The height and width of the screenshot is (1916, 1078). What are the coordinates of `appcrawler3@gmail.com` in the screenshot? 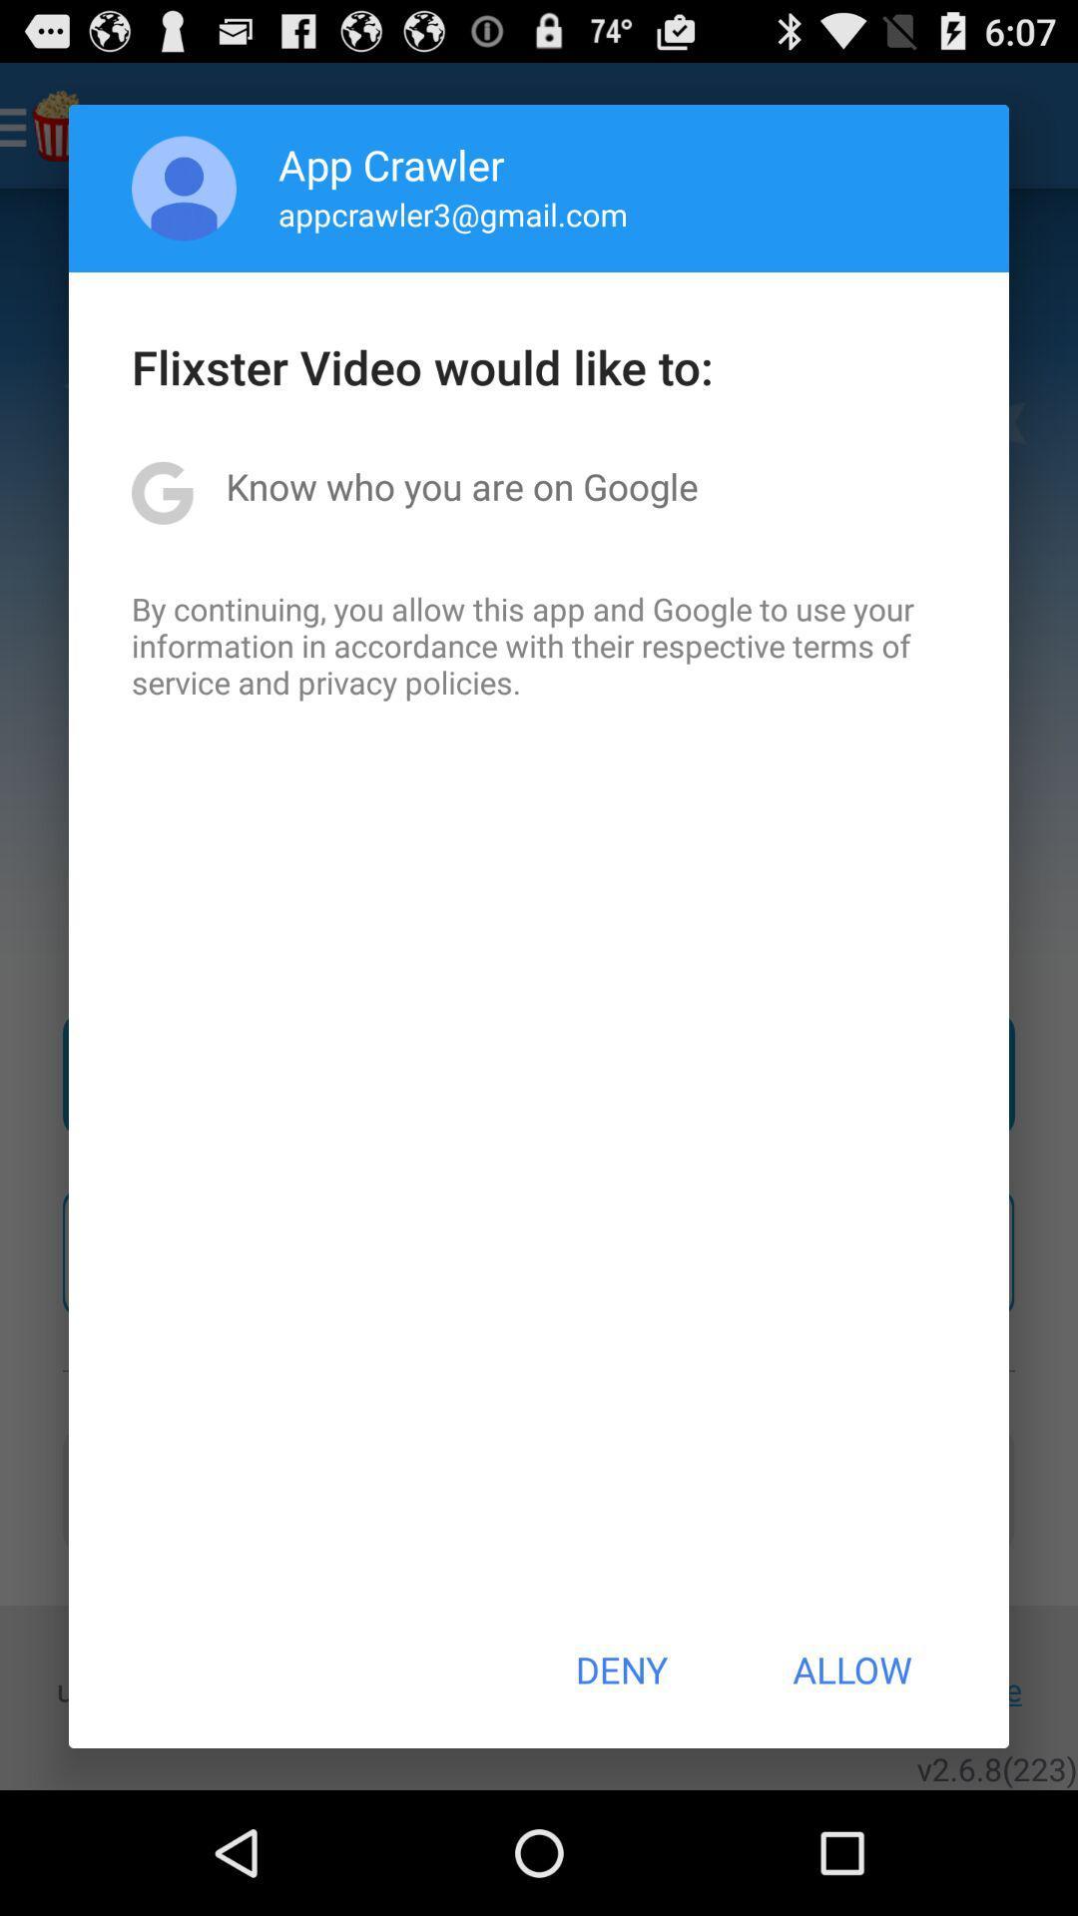 It's located at (453, 214).